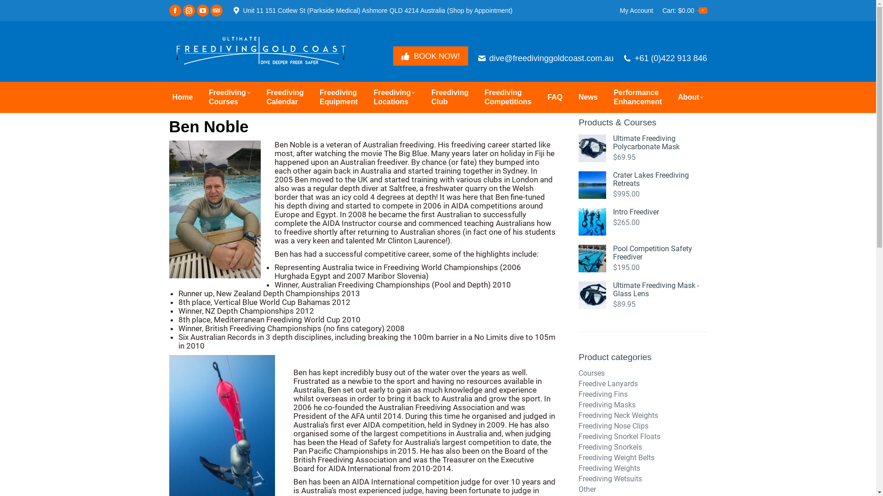  Describe the element at coordinates (637, 97) in the screenshot. I see `'Performance` at that location.